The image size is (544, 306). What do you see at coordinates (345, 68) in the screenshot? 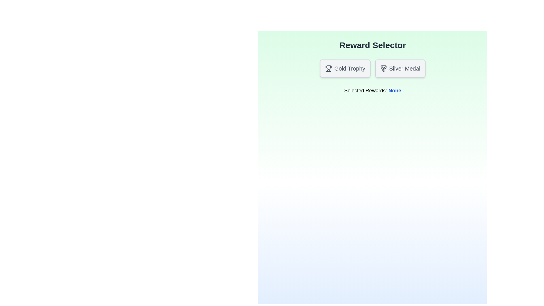
I see `the Gold Trophy button to observe its visual feedback` at bounding box center [345, 68].